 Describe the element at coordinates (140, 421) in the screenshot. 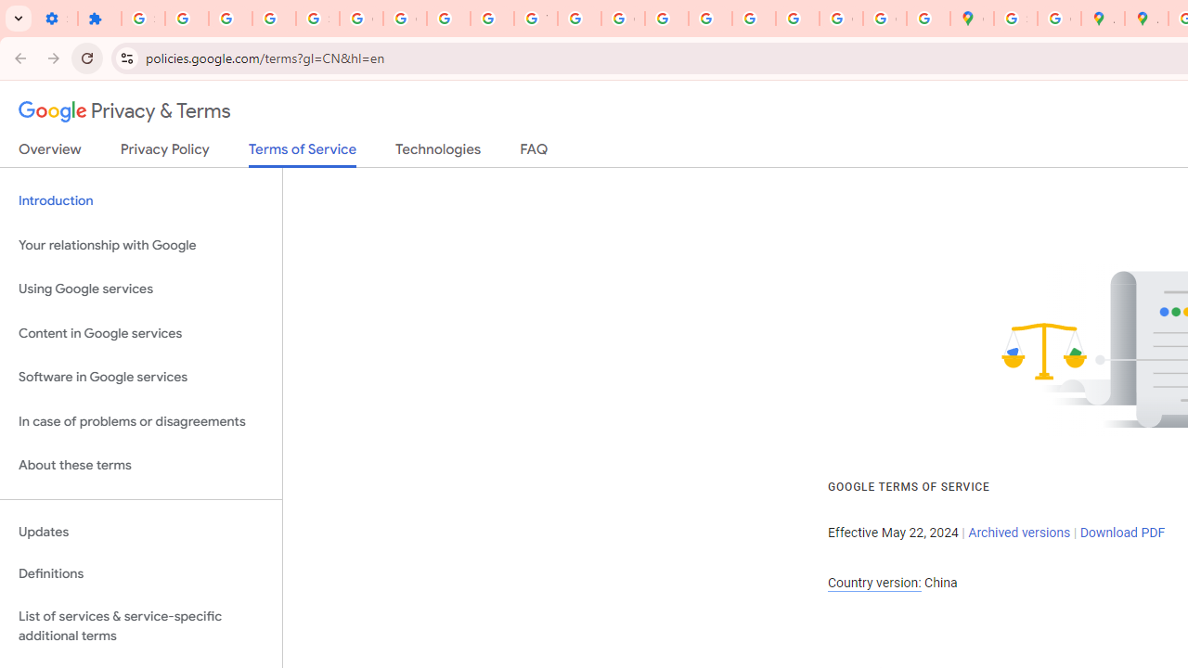

I see `'In case of problems or disagreements'` at that location.